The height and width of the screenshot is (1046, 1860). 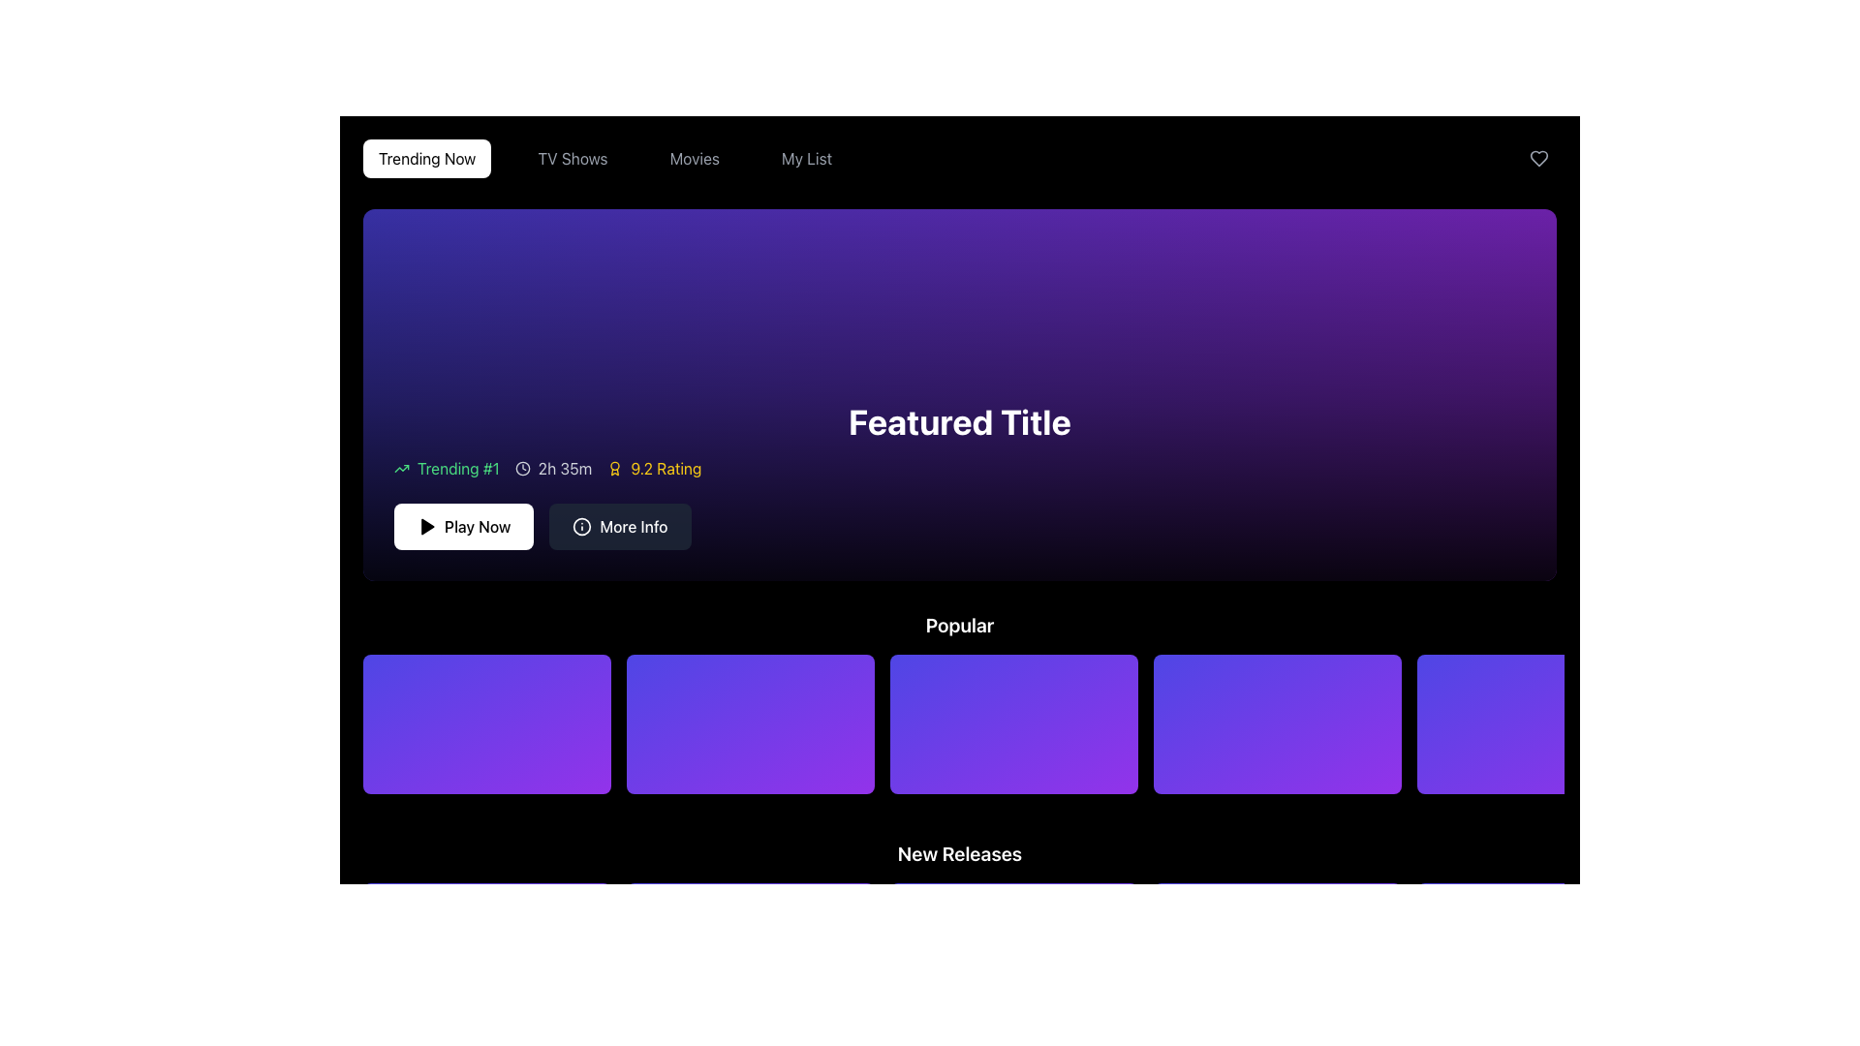 What do you see at coordinates (426, 158) in the screenshot?
I see `the 'Trending Now' button, which is a rectangular button with a white background and black text, located on a black background towards the top left of the interface` at bounding box center [426, 158].